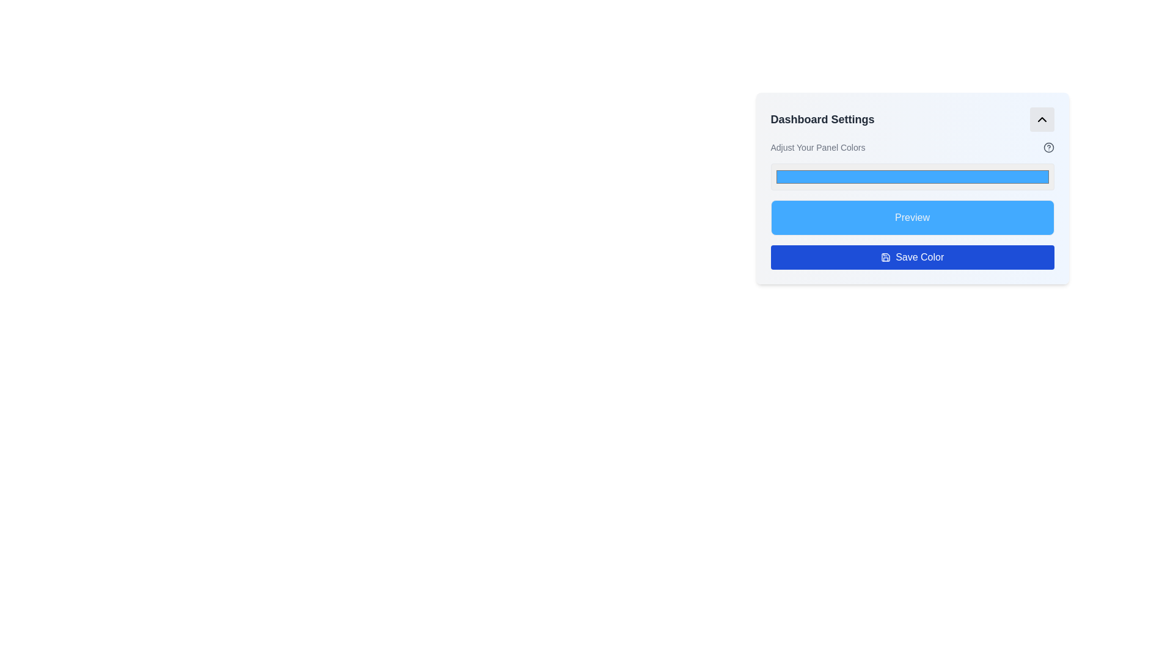 Image resolution: width=1173 pixels, height=659 pixels. I want to click on the preview button in the Interactive Panel Section located in the Dashboard Settings below the headline 'Adjust Your Panel Colors' to preview the color, so click(912, 204).